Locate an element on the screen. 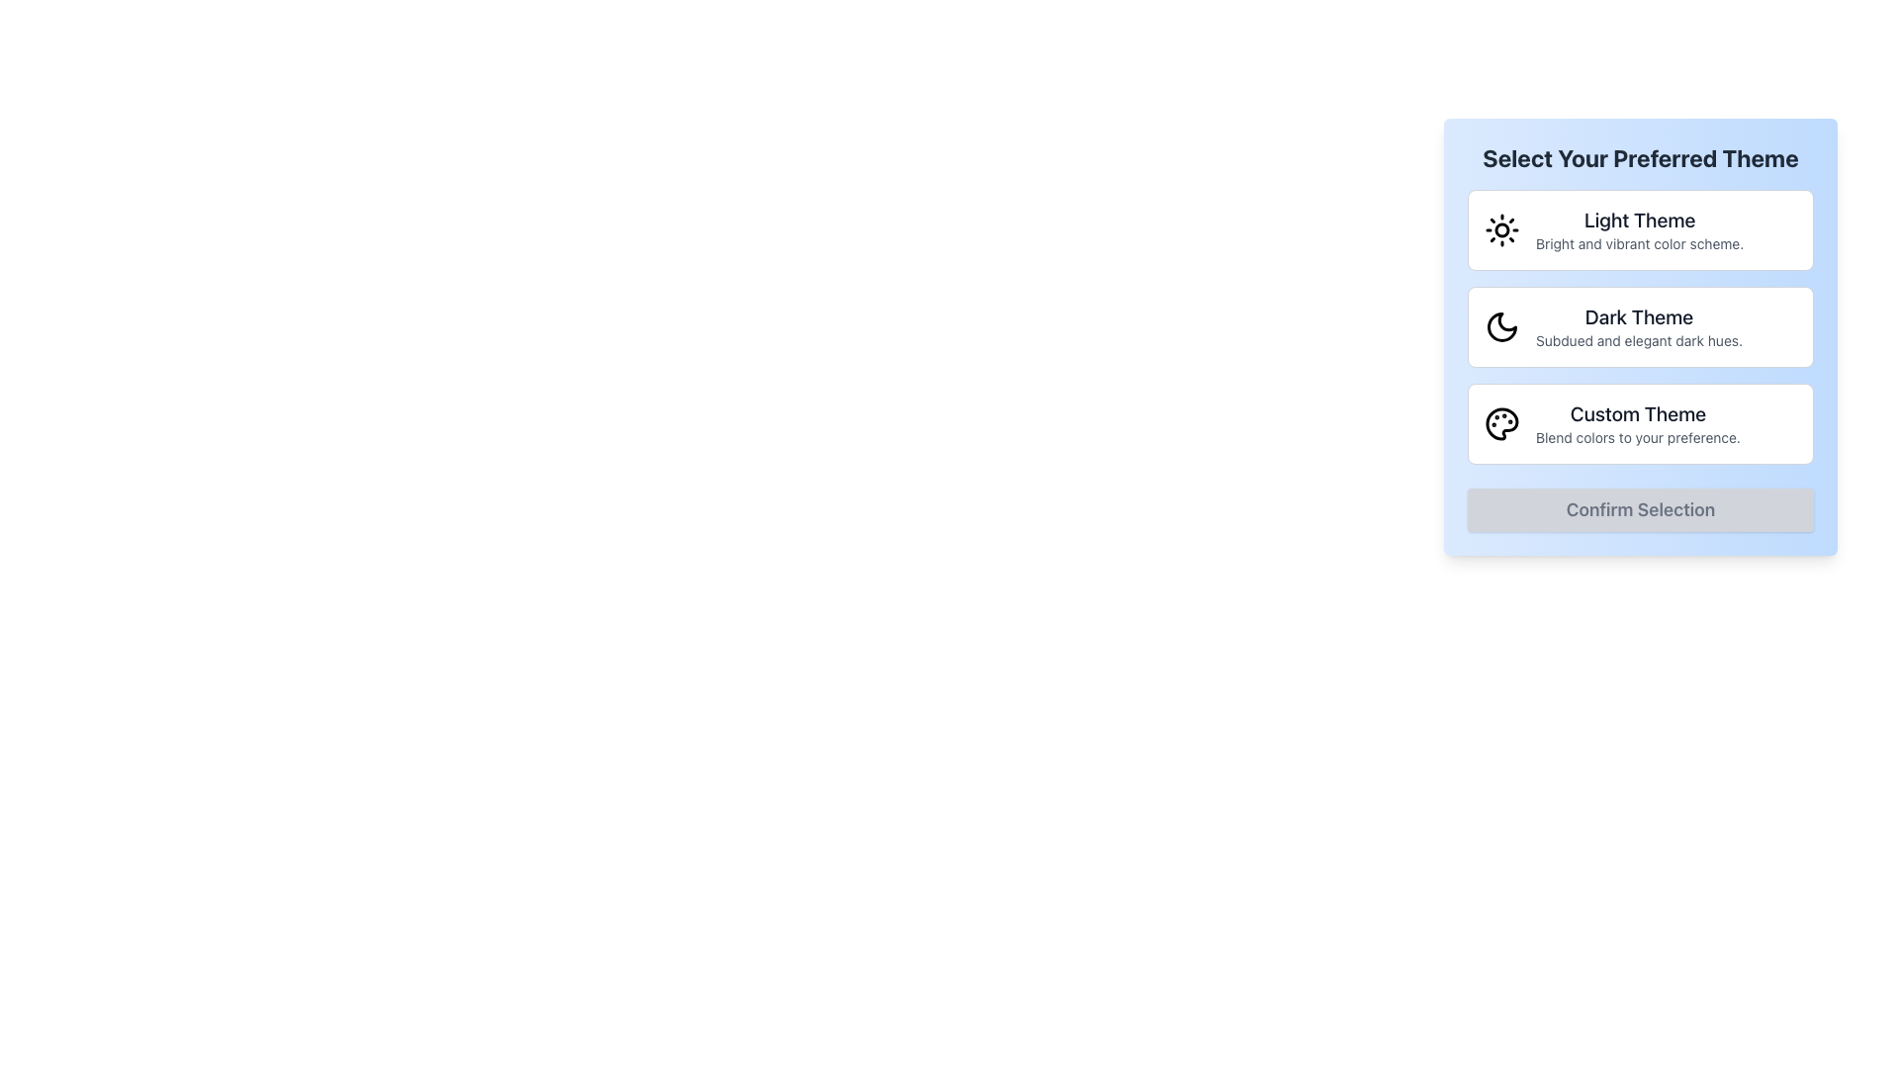  the 'Dark Theme' selectable list item, which is the second option in a vertical list of three themes is located at coordinates (1641, 326).